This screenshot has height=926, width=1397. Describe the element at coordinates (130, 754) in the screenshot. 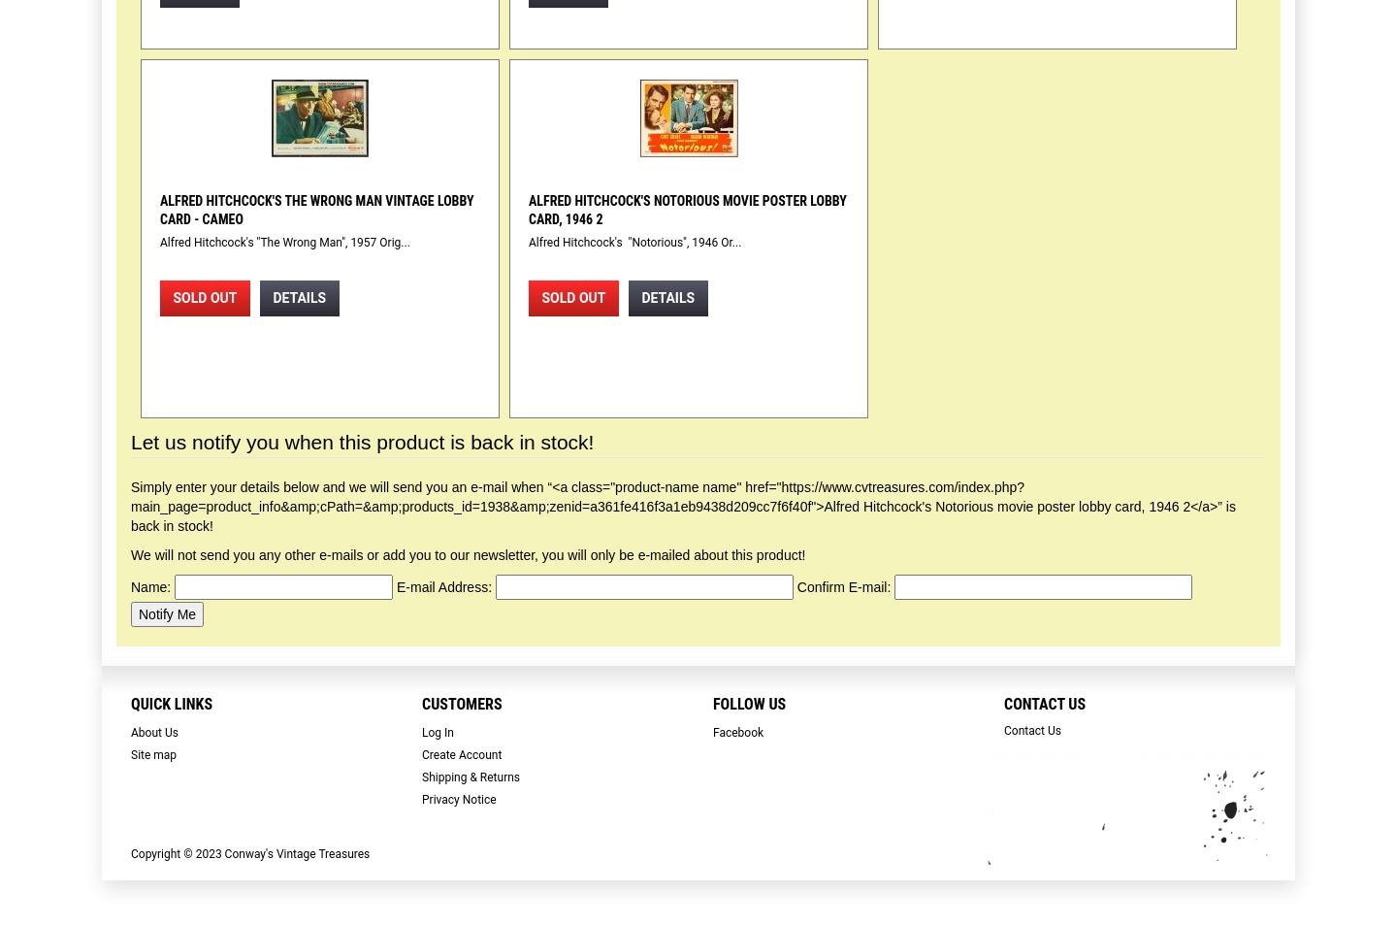

I see `'Site map'` at that location.